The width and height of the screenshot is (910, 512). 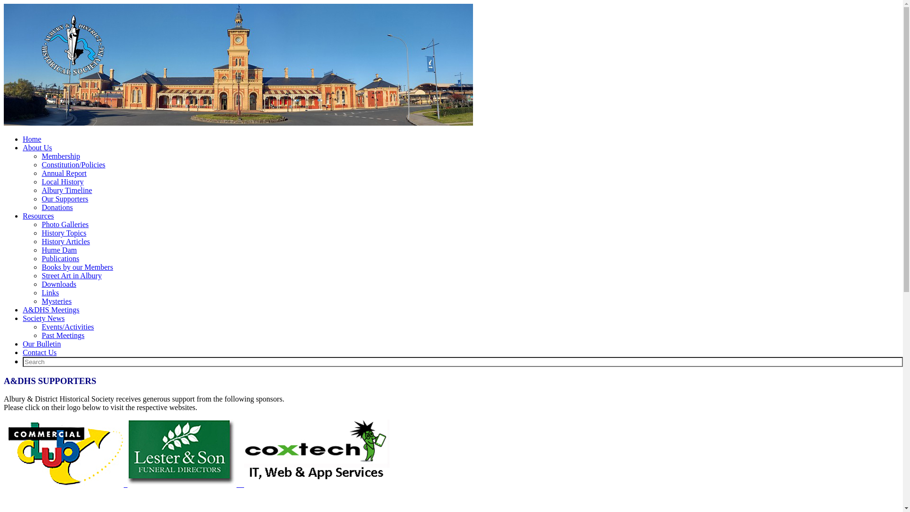 I want to click on 'A&DHS Meetings', so click(x=23, y=310).